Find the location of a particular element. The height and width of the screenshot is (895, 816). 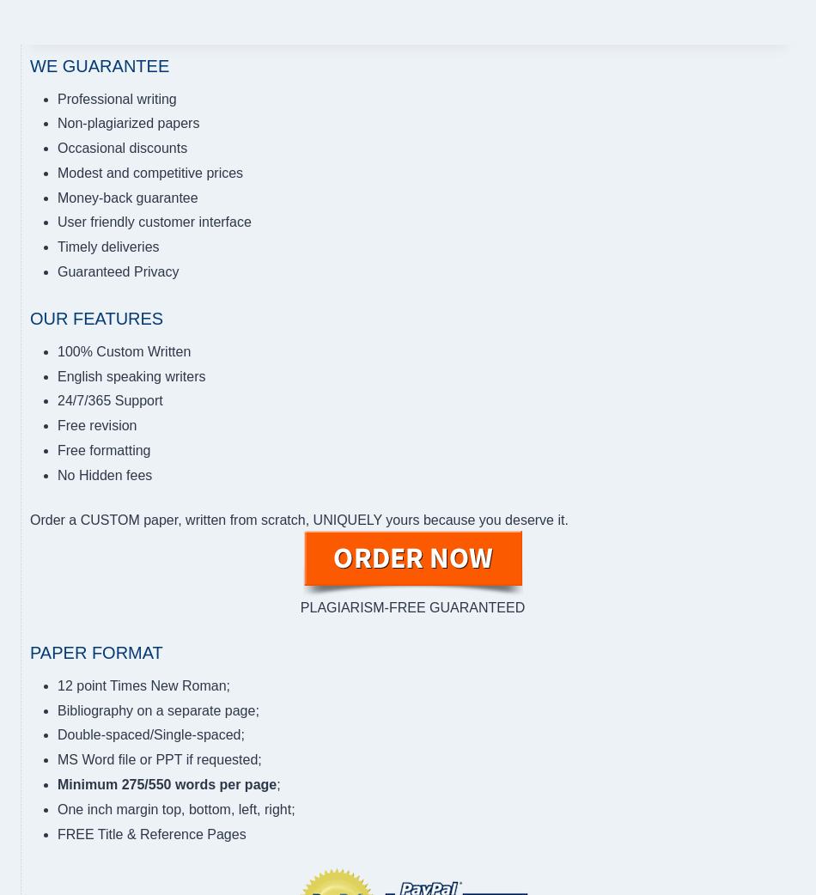

'We Guarantee' is located at coordinates (99, 64).